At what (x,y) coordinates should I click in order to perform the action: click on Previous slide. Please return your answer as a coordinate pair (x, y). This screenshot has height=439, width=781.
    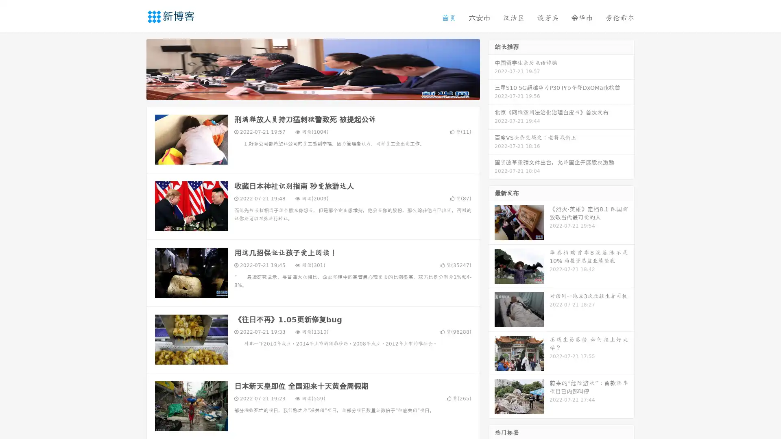
    Looking at the image, I should click on (134, 68).